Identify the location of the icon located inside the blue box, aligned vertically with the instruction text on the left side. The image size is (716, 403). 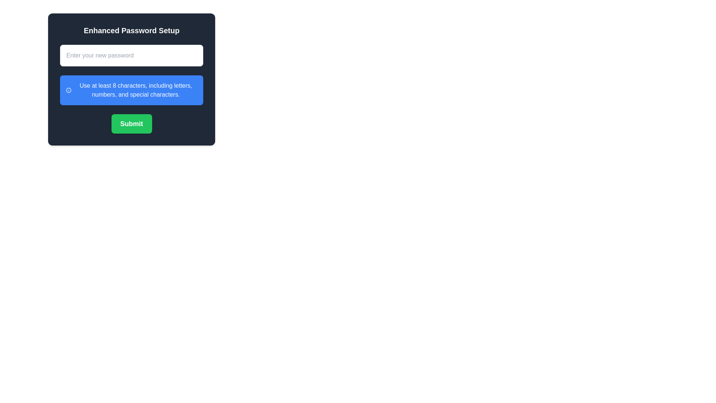
(69, 90).